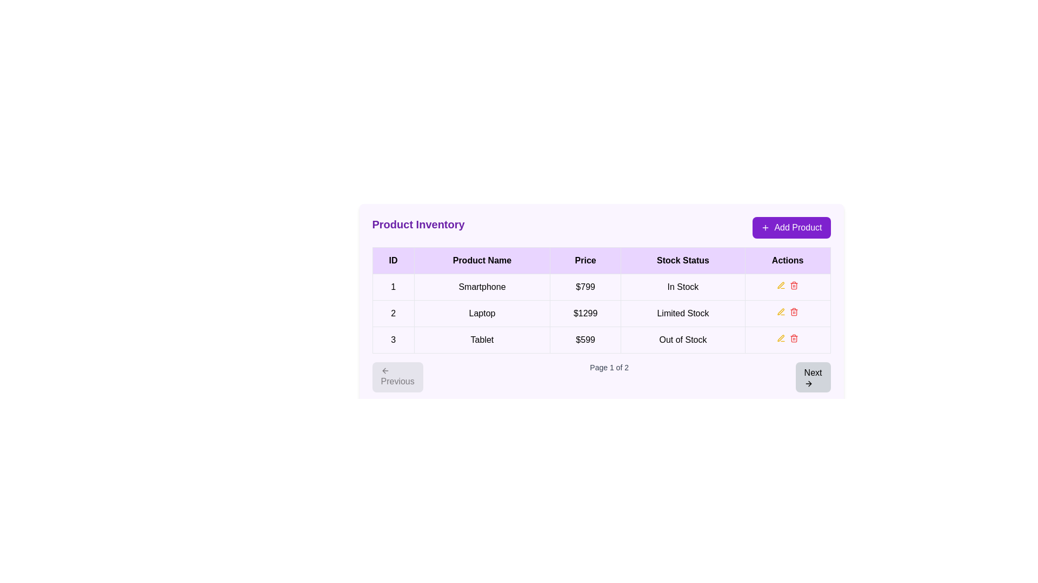  Describe the element at coordinates (482, 287) in the screenshot. I see `the 'Smartphone' text label in the product inventory list, located in the second column of the first row, under the 'Product Name' header` at that location.